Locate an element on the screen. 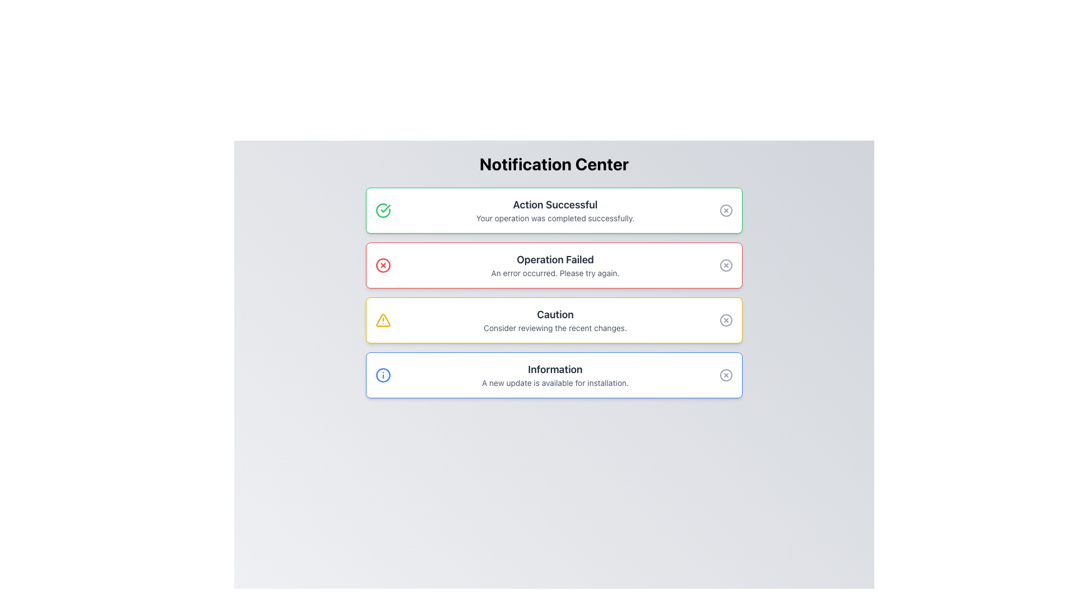 This screenshot has height=605, width=1076. the success icon located at the top-left corner of the 'Action Successful' notification card for feedback is located at coordinates (383, 210).